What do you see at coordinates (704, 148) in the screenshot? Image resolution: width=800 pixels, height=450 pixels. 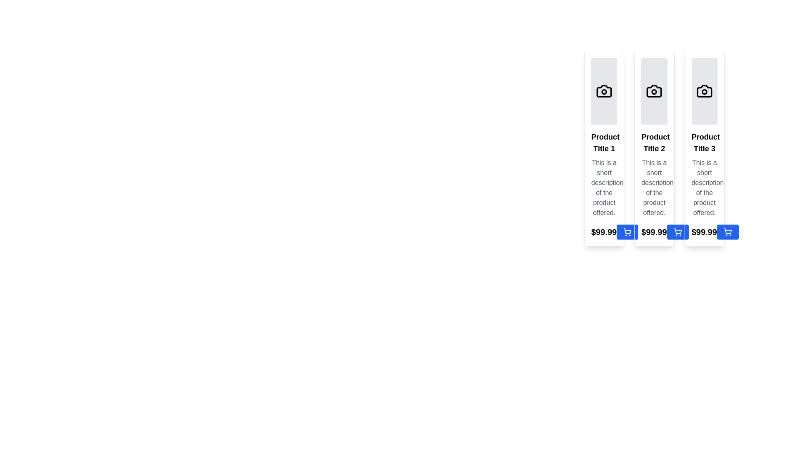 I see `the third product card in the horizontally arranged grid layout, which displays the product details including title, description, and price` at bounding box center [704, 148].